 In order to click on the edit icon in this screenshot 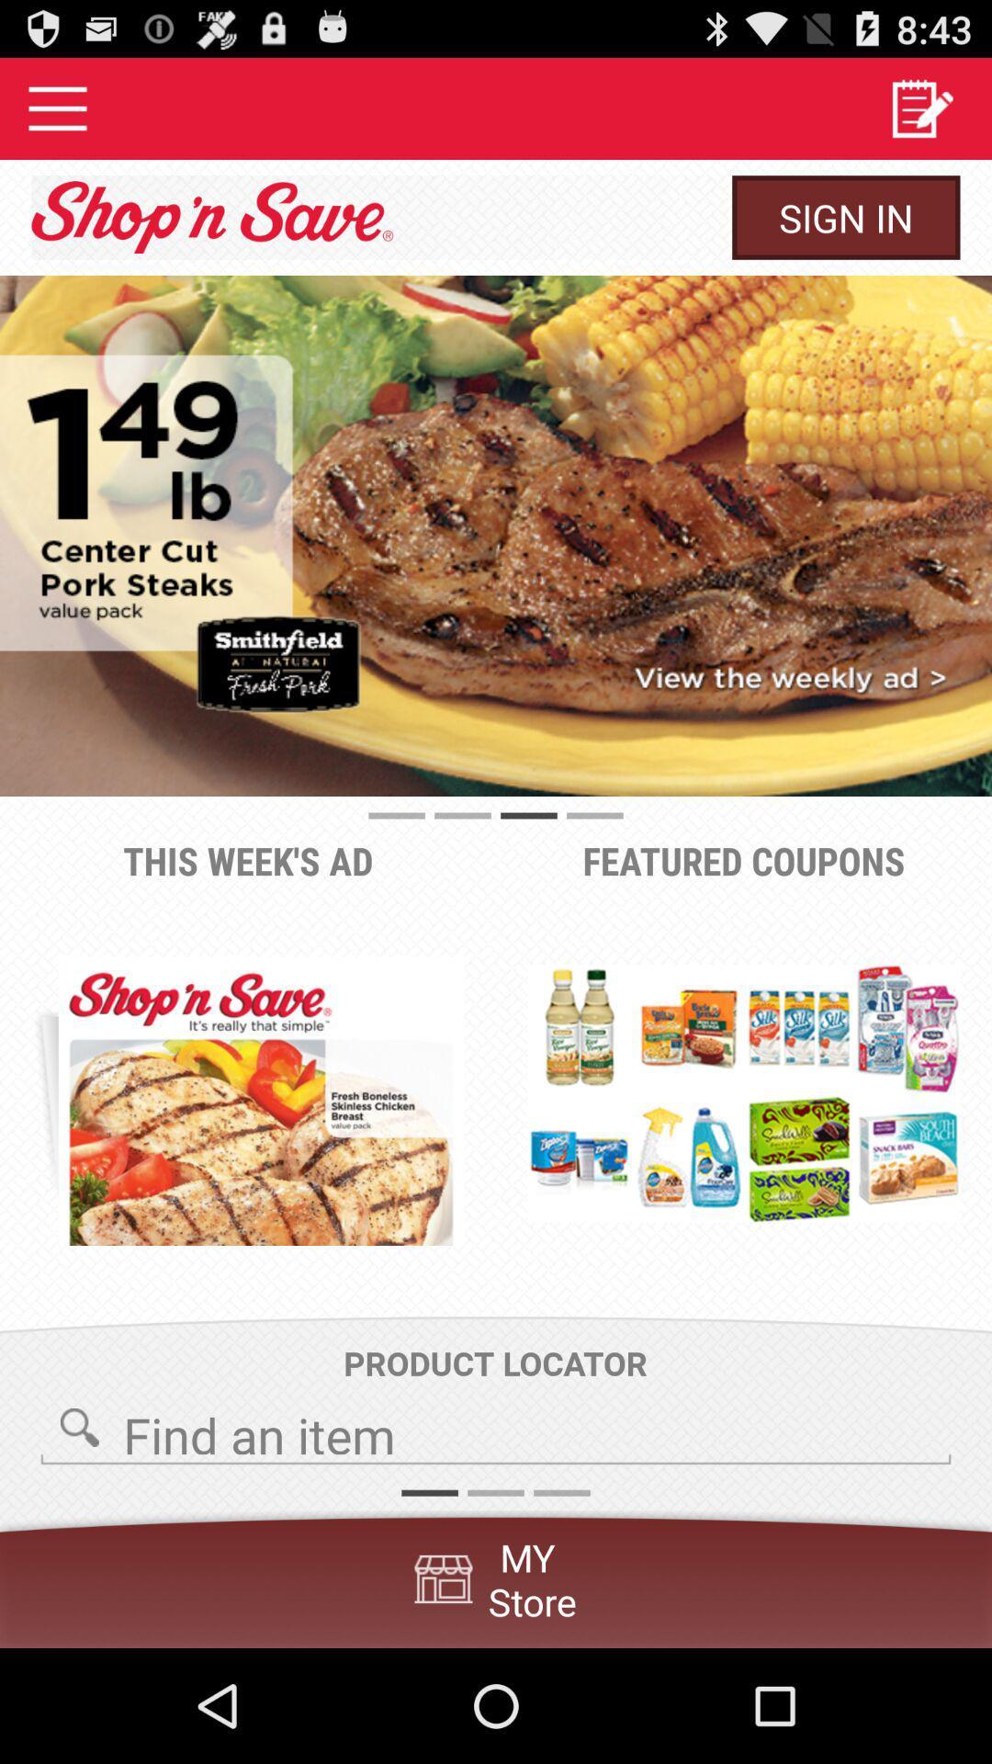, I will do `click(921, 115)`.